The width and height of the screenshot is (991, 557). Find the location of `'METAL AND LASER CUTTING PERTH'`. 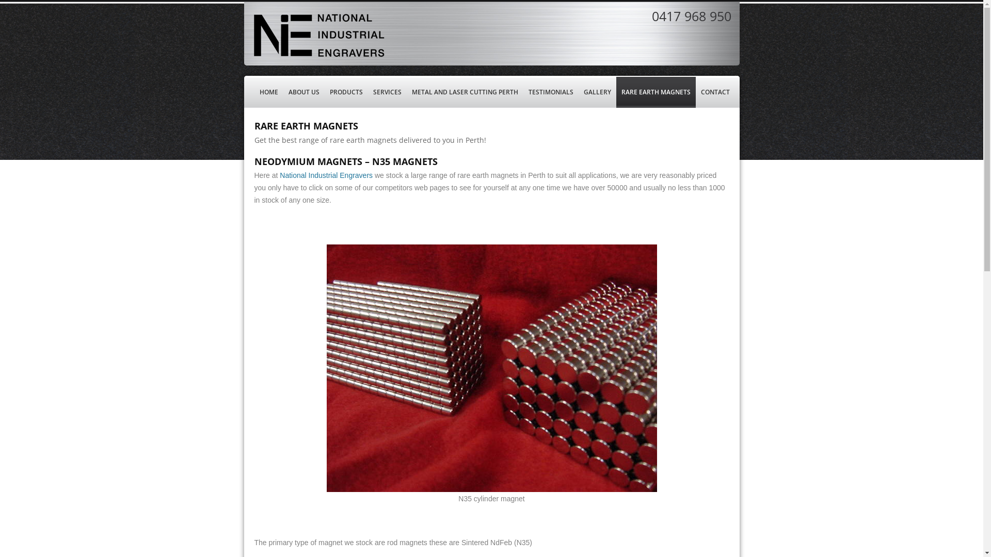

'METAL AND LASER CUTTING PERTH' is located at coordinates (465, 91).